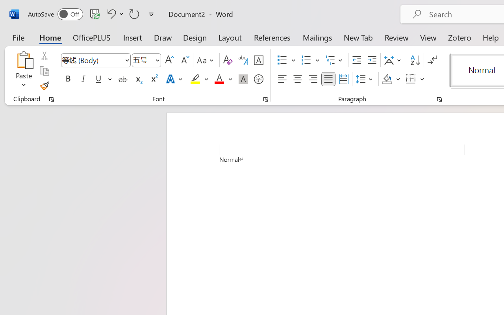  What do you see at coordinates (44, 86) in the screenshot?
I see `'Format Painter'` at bounding box center [44, 86].